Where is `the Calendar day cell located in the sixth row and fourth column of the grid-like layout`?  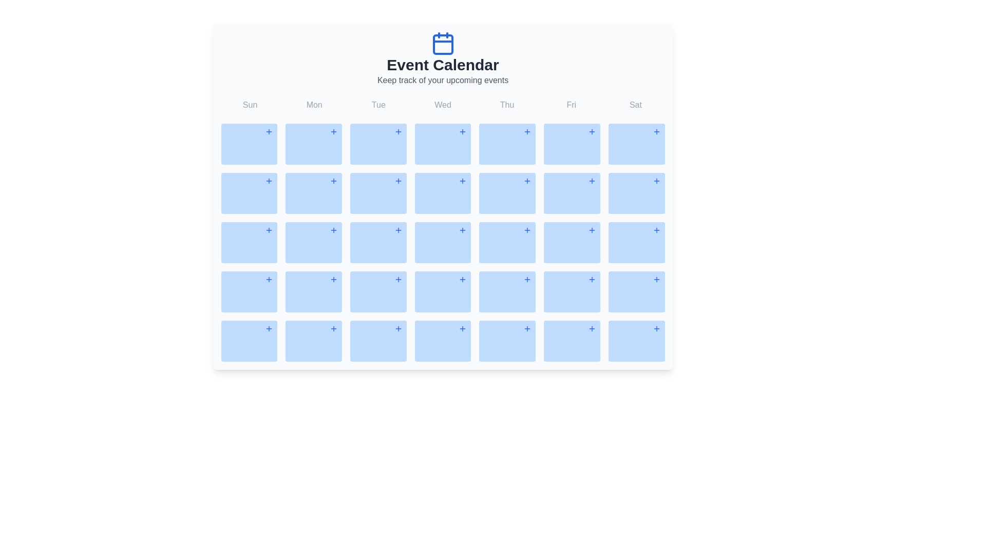 the Calendar day cell located in the sixth row and fourth column of the grid-like layout is located at coordinates (507, 292).